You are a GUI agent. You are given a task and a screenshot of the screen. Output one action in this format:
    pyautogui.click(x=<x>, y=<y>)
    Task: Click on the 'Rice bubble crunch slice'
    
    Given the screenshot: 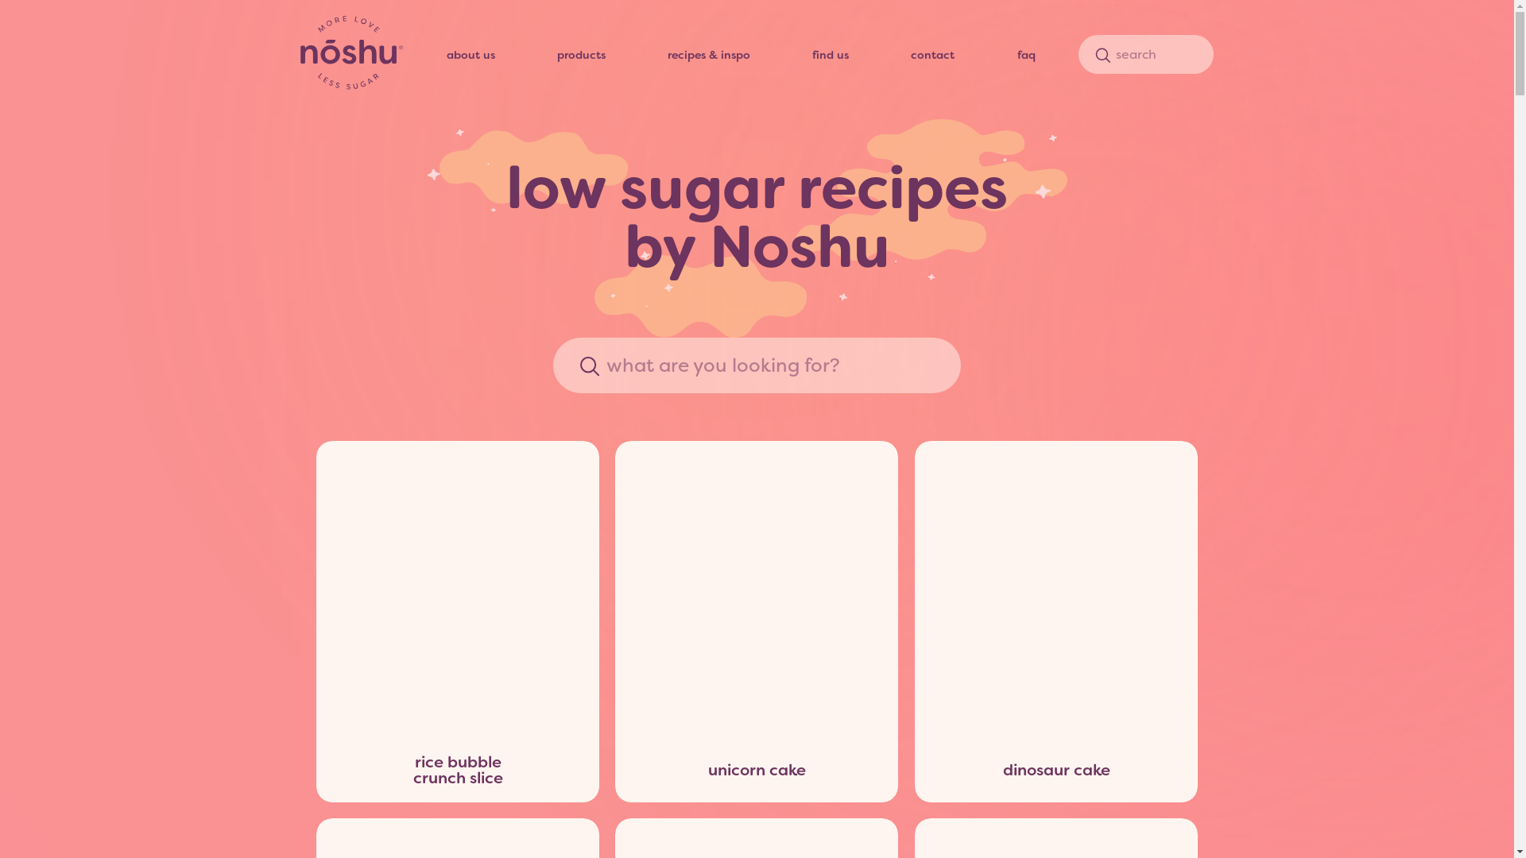 What is the action you would take?
    pyautogui.click(x=457, y=589)
    